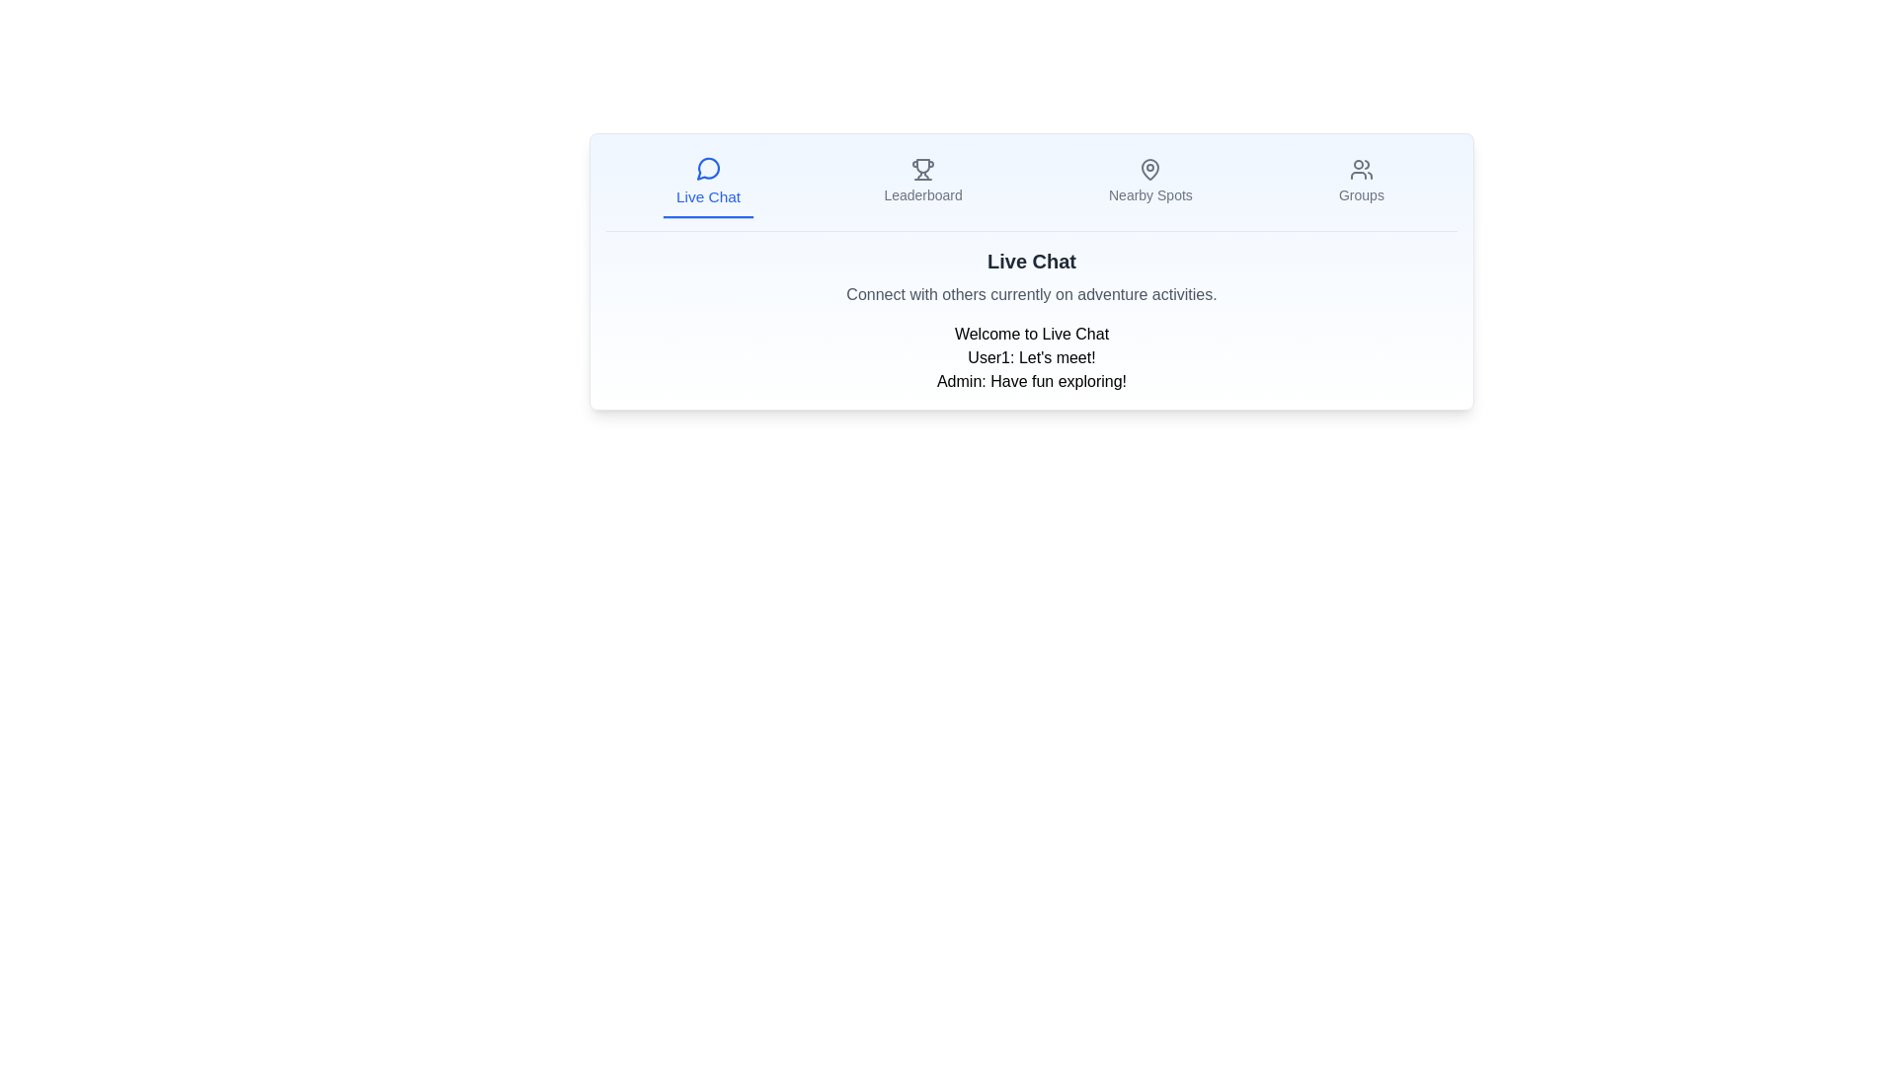 This screenshot has width=1896, height=1066. Describe the element at coordinates (1150, 194) in the screenshot. I see `the 'Nearby Spots' static text label in the navigation bar, which is positioned as the third item from the left` at that location.